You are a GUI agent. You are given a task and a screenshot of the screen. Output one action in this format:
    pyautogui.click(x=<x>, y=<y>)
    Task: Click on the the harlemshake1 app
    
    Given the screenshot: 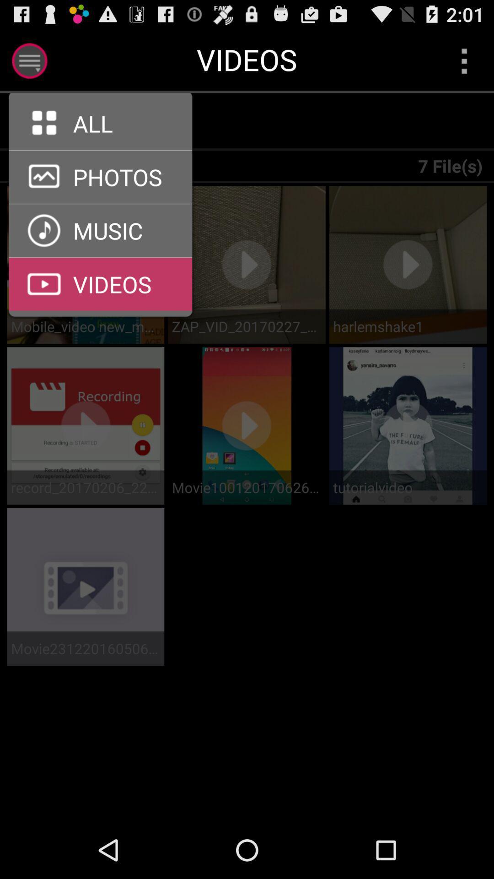 What is the action you would take?
    pyautogui.click(x=408, y=326)
    